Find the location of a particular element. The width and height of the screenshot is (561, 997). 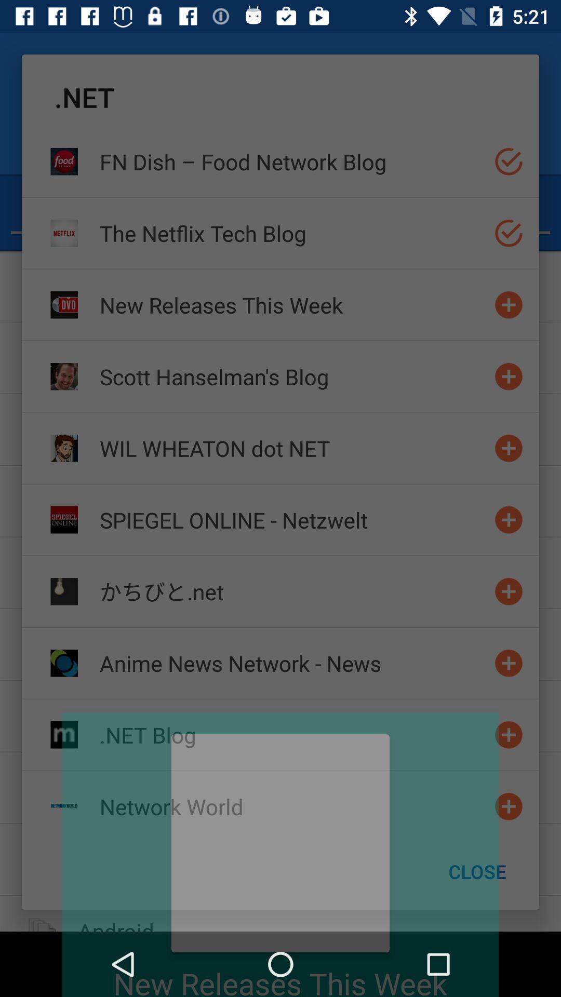

website to bookmark is located at coordinates (508, 520).